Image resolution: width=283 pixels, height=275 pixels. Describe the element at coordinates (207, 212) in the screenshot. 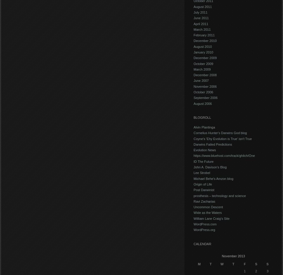

I see `'Wide as the Waters'` at that location.